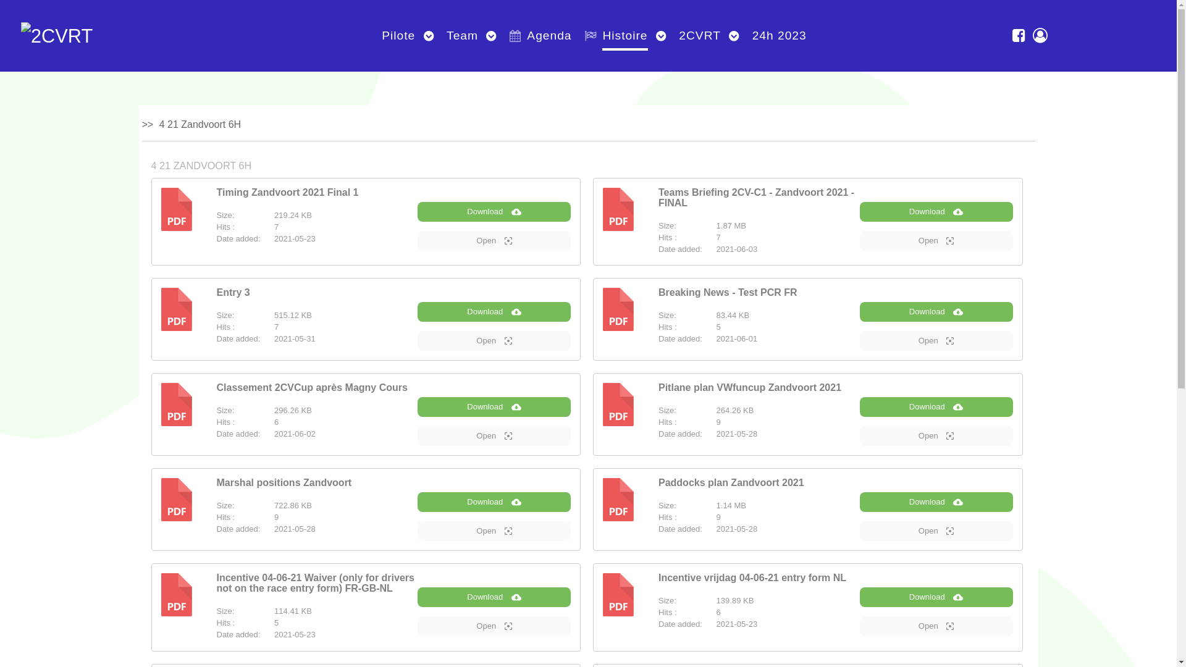  What do you see at coordinates (936, 502) in the screenshot?
I see `'Download'` at bounding box center [936, 502].